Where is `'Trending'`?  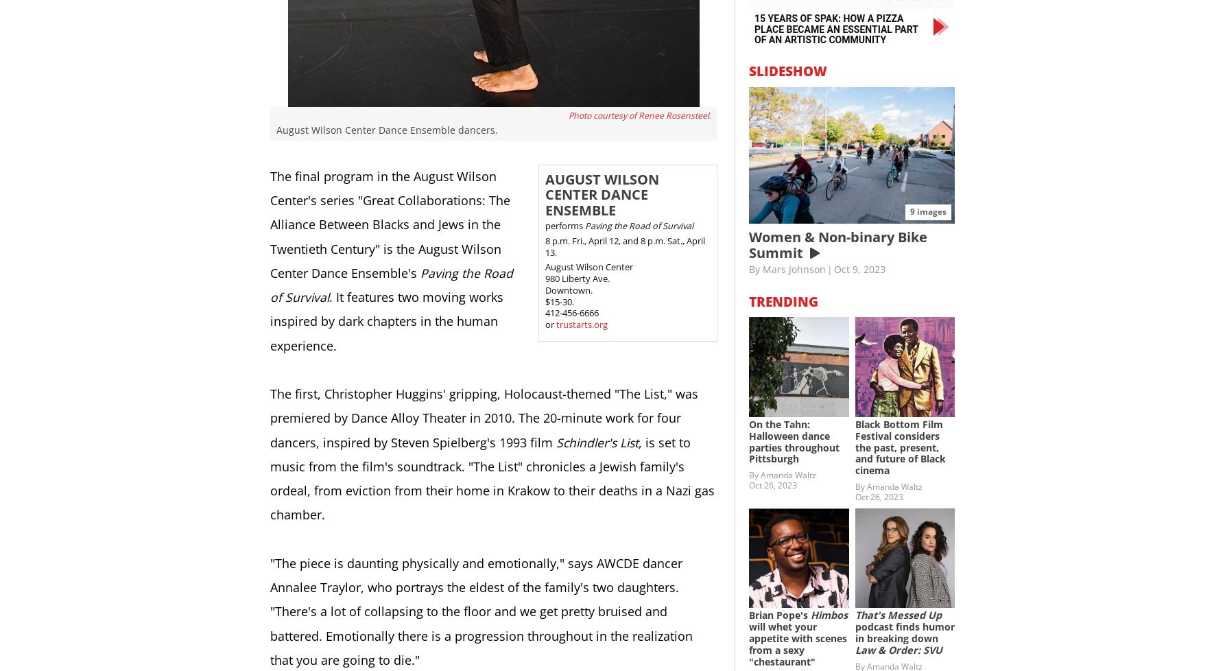
'Trending' is located at coordinates (783, 300).